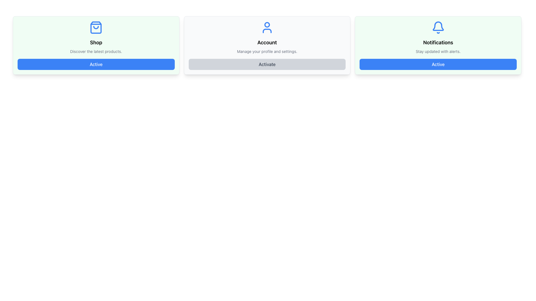 The width and height of the screenshot is (536, 301). I want to click on the 'Activate' button, a rectangular button with rounded corners and a gray background, located at the bottom of the 'Account' card, so click(267, 64).